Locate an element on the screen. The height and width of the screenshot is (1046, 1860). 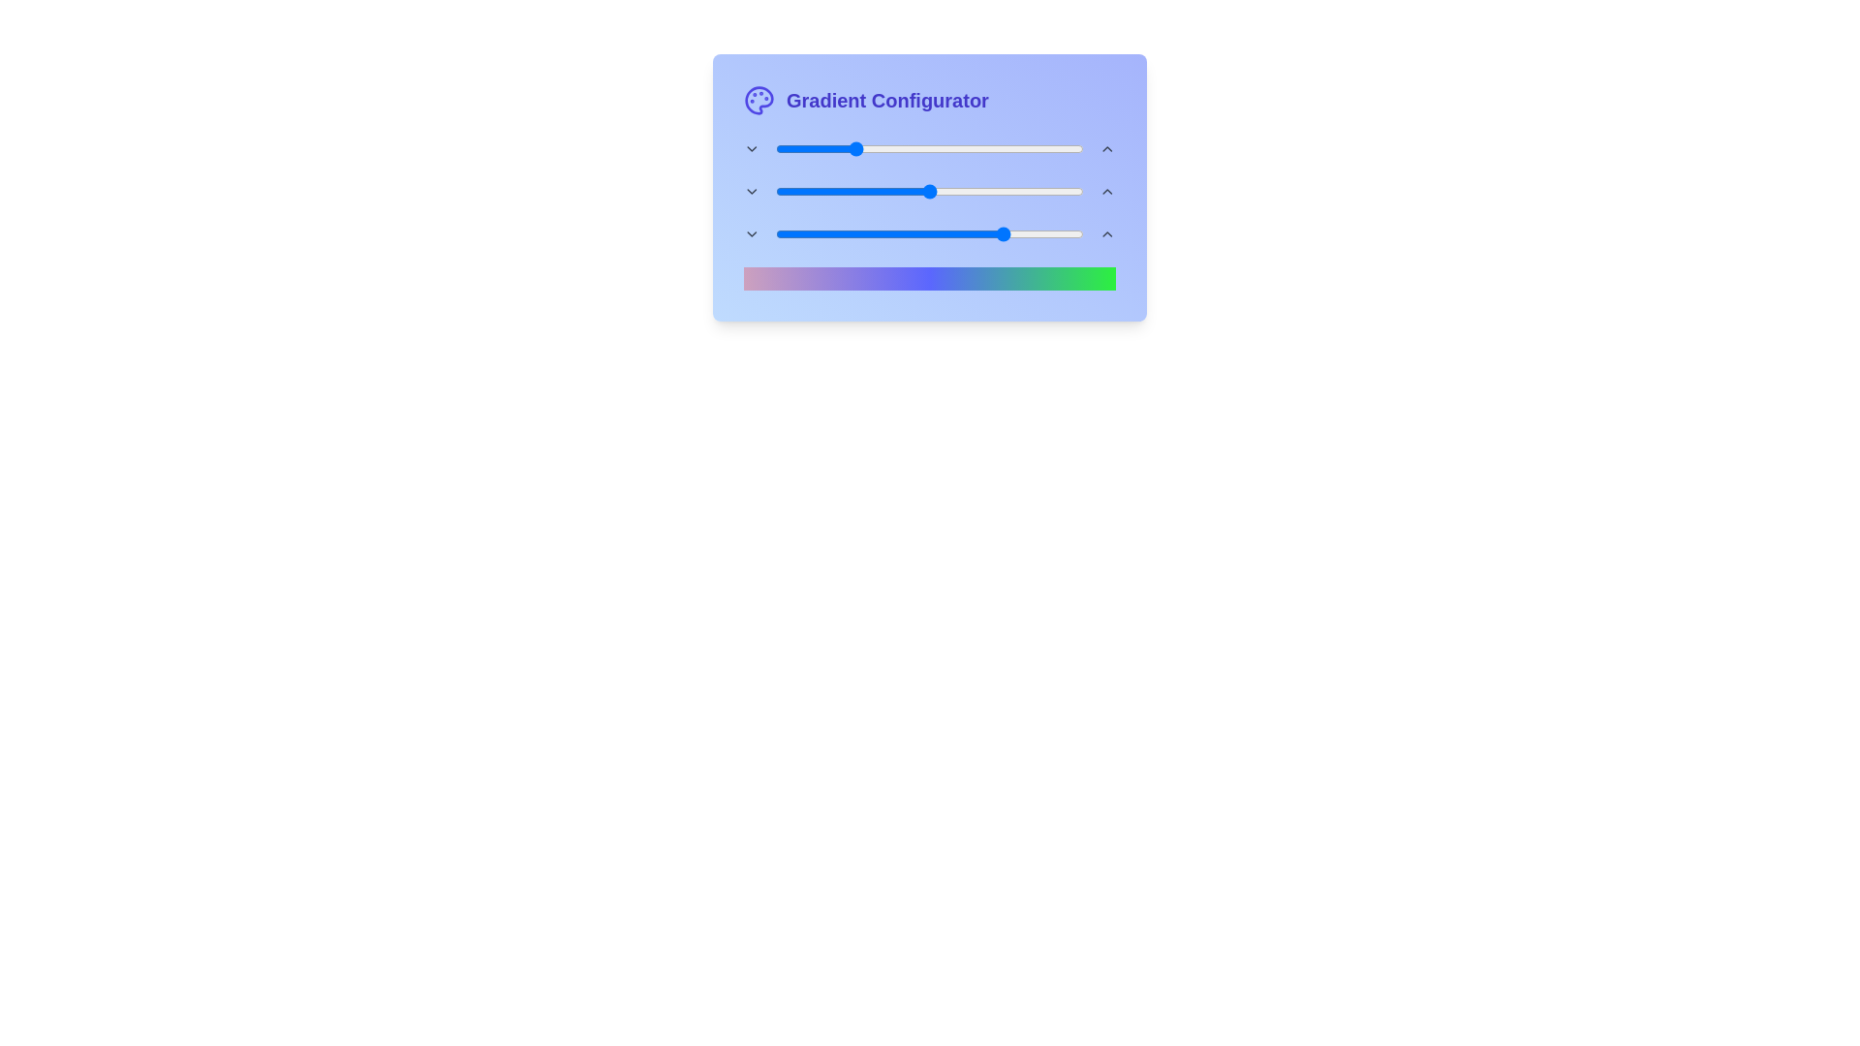
the mid gradient slider to 96 percent is located at coordinates (1070, 191).